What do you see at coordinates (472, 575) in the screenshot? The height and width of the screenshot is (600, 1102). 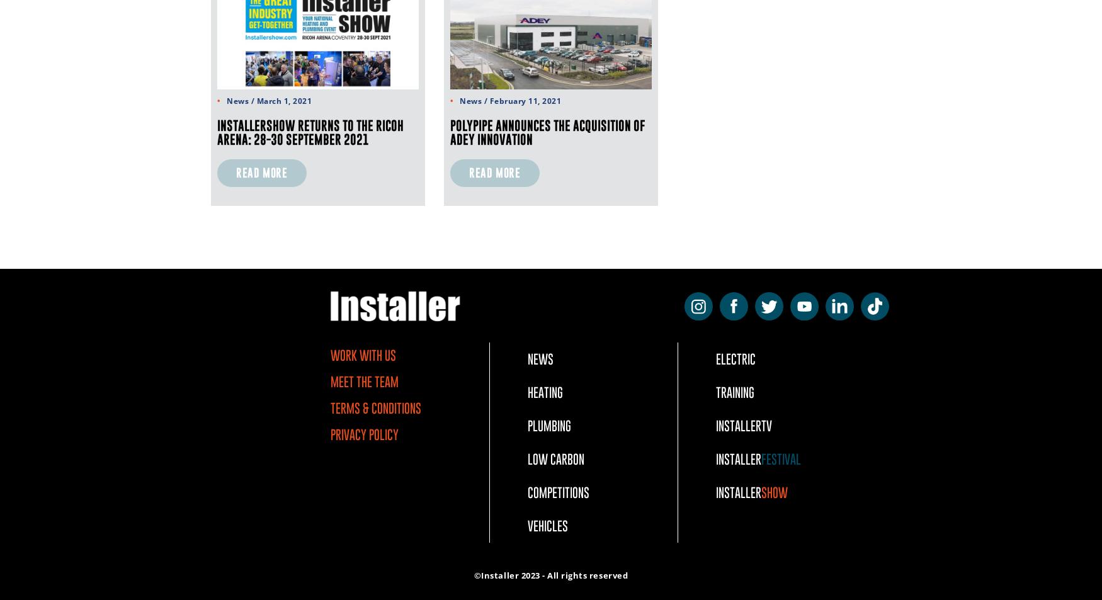 I see `'©Installer 2023 - All rights reserved'` at bounding box center [472, 575].